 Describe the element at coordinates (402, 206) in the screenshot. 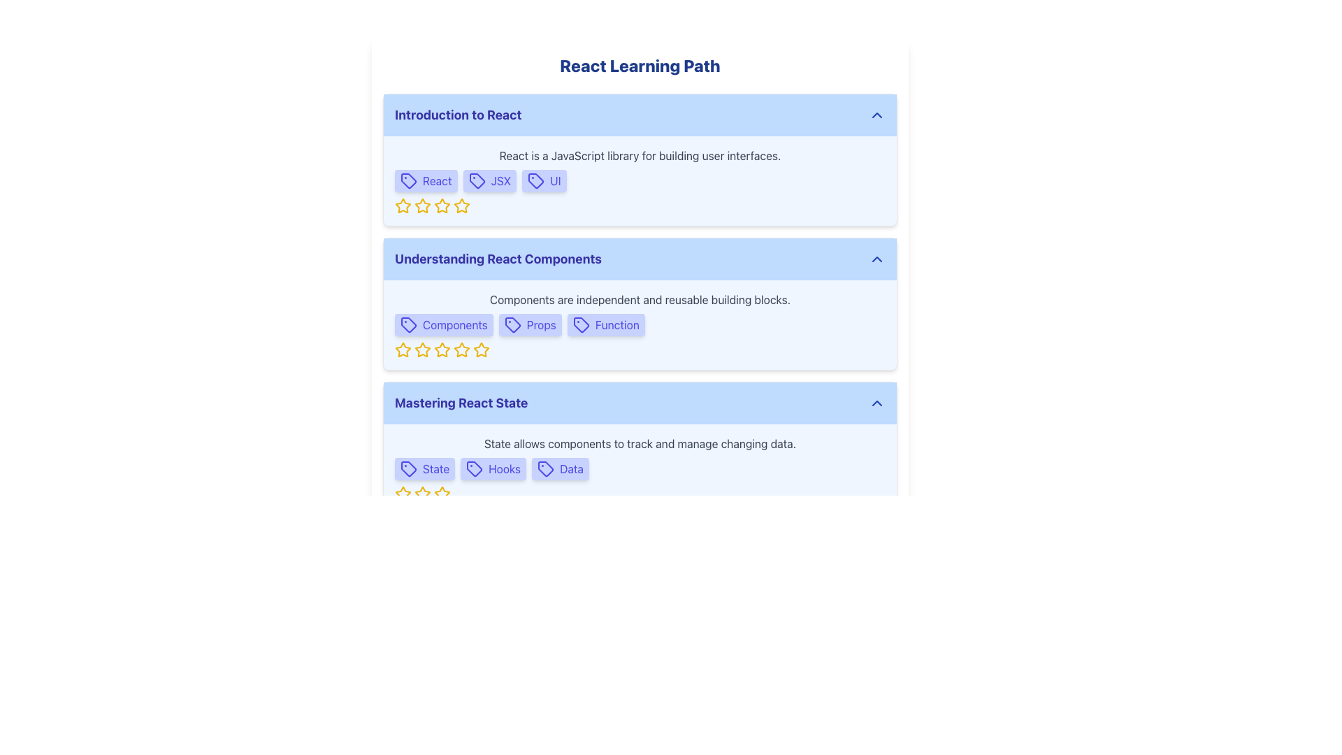

I see `the first star icon representing the first rating point in the 1-to-5 rating system for the 'Introduction to React' section` at that location.